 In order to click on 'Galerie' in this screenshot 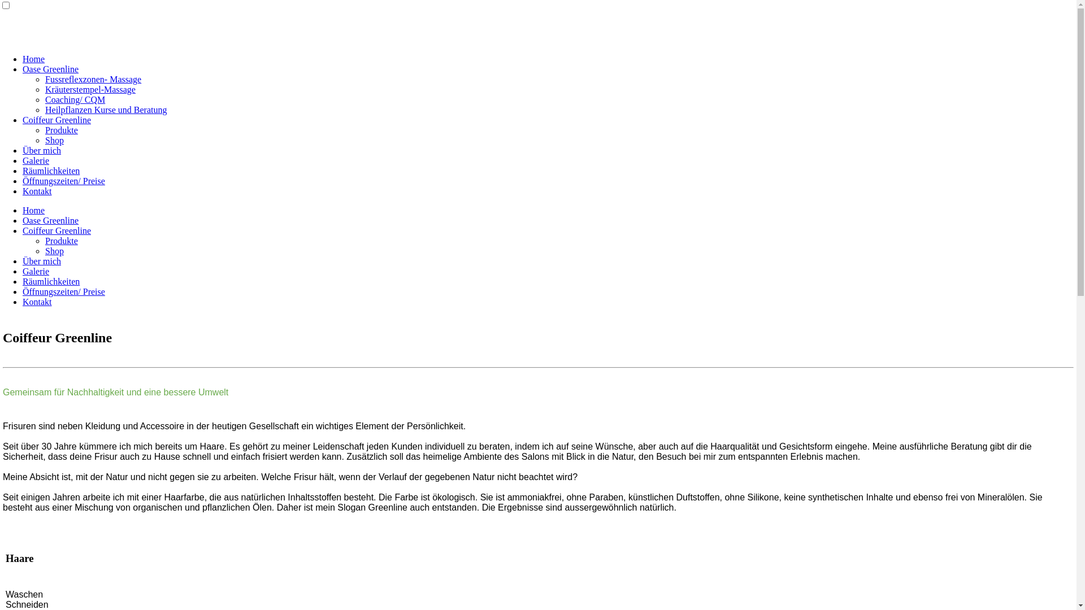, I will do `click(36, 271)`.